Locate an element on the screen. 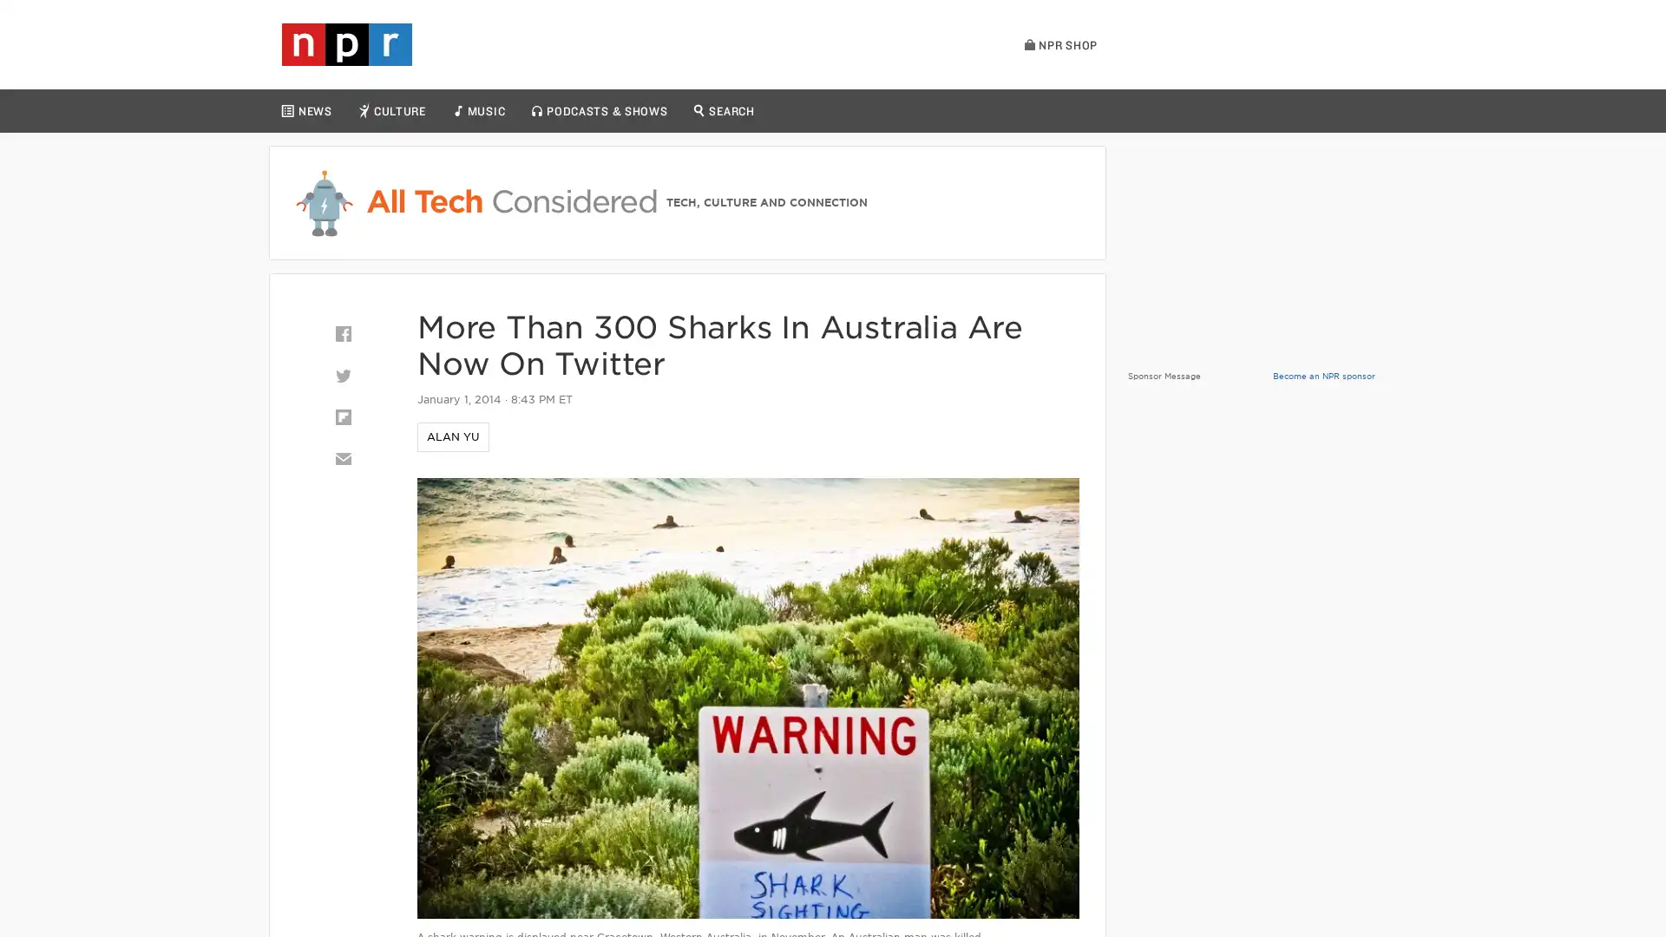 The image size is (1666, 937). LISTEN LIVE is located at coordinates (1264, 111).